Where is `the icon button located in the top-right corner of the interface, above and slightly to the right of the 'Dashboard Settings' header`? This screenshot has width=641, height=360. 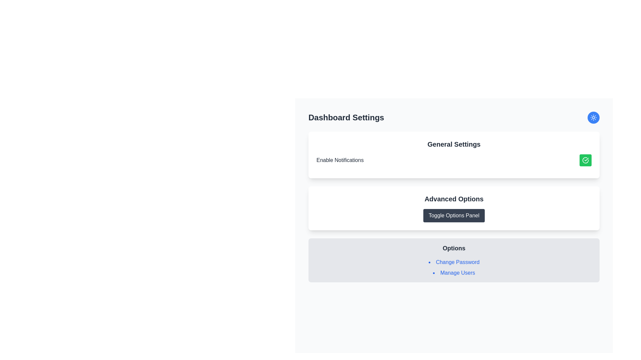
the icon button located in the top-right corner of the interface, above and slightly to the right of the 'Dashboard Settings' header is located at coordinates (593, 117).